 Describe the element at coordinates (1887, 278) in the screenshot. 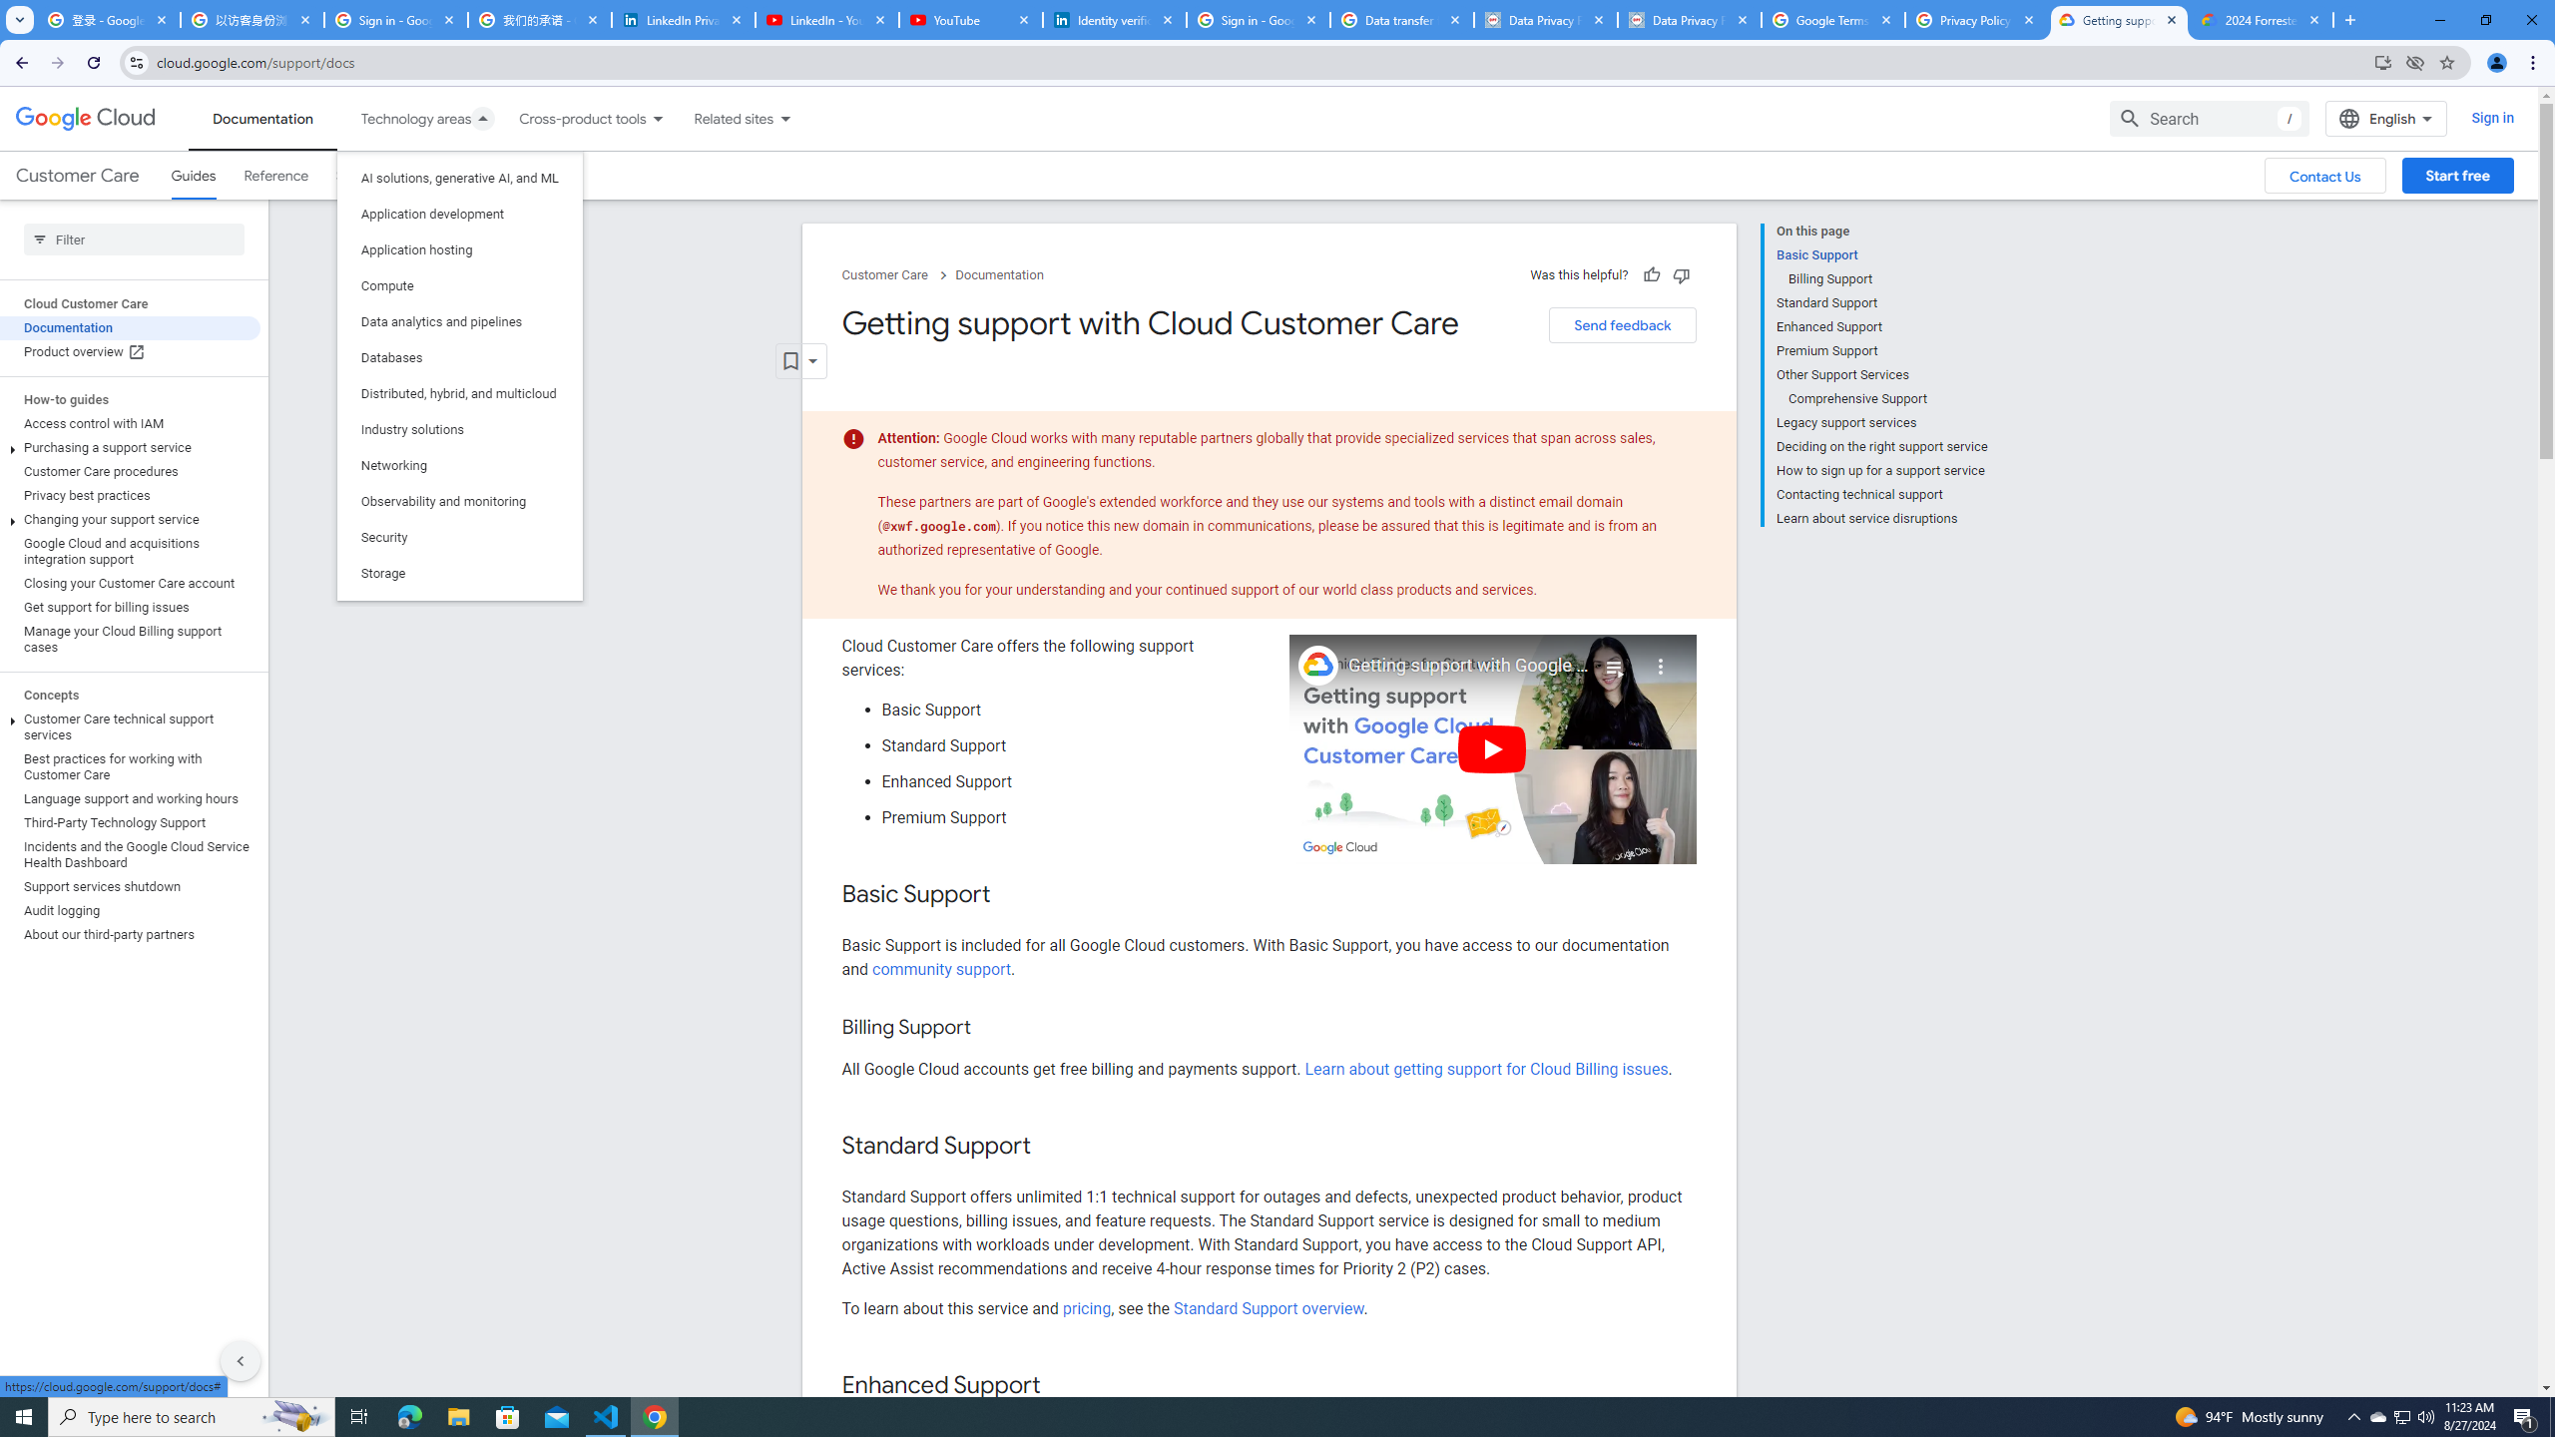

I see `'Billing Support'` at that location.